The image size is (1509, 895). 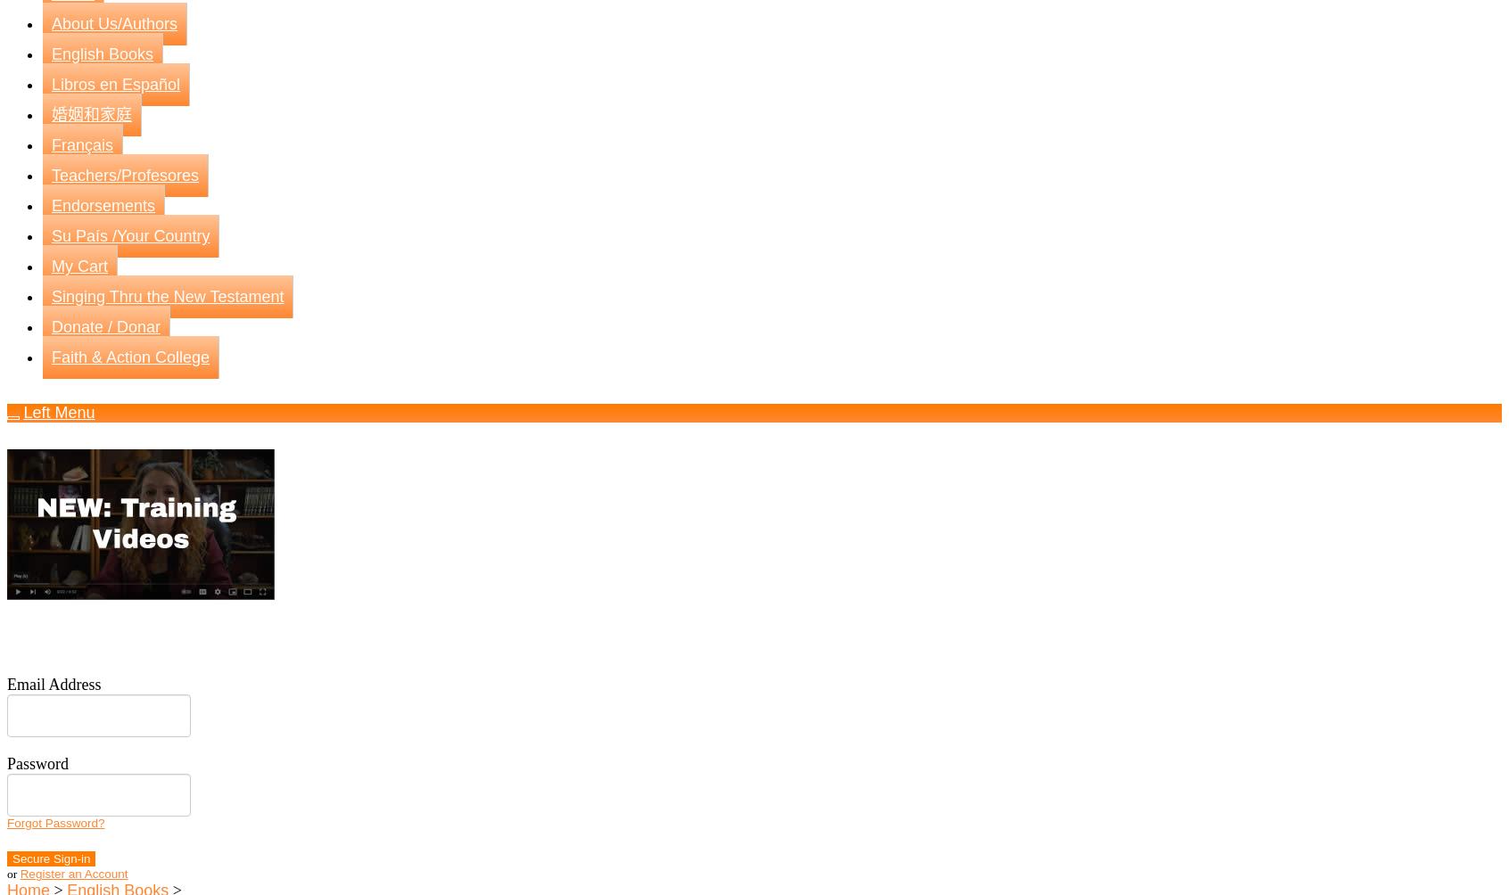 What do you see at coordinates (79, 266) in the screenshot?
I see `'My Cart'` at bounding box center [79, 266].